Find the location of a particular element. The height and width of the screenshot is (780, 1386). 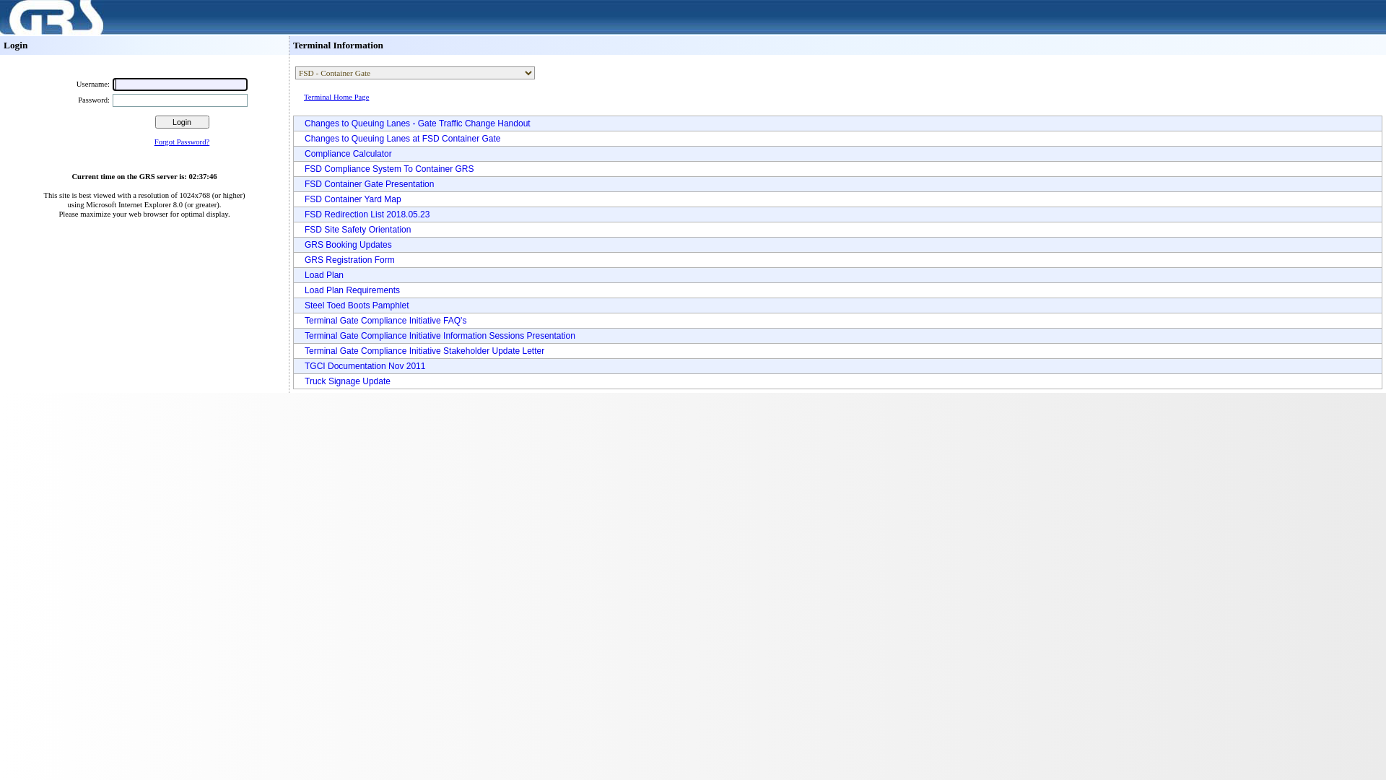

'Forgot Password?' is located at coordinates (181, 142).